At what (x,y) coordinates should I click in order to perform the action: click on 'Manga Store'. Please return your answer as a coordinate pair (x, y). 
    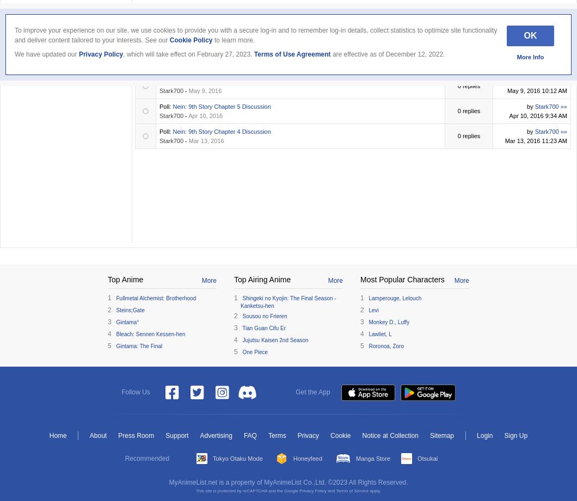
    Looking at the image, I should click on (372, 457).